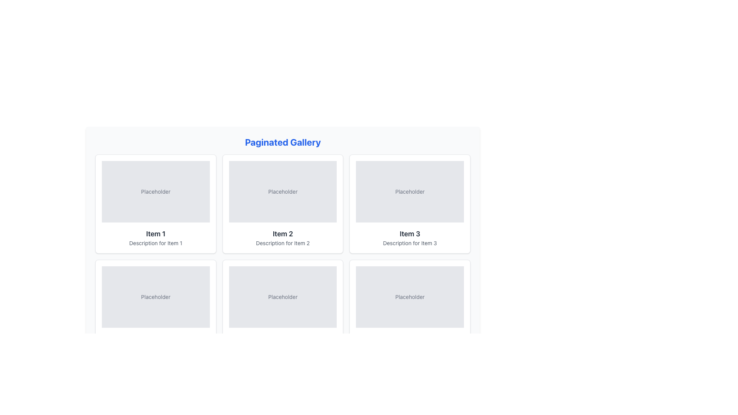 This screenshot has width=738, height=415. I want to click on the first button in the horizontal arrangement at the bottom of the interface, which navigates to the previous page, so click(113, 378).